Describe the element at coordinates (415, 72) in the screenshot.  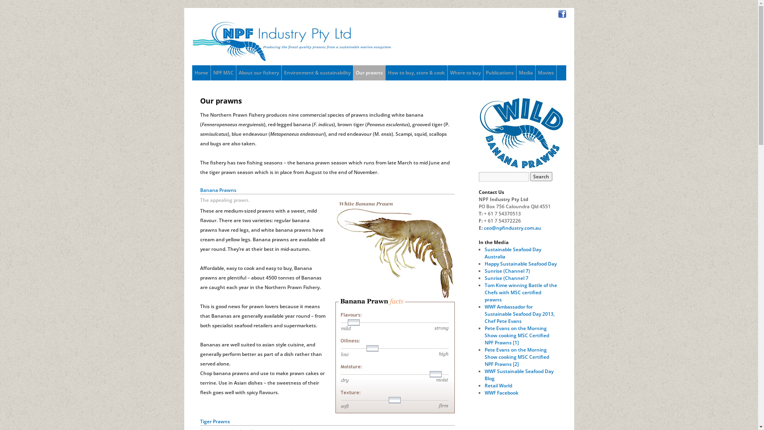
I see `'How to buy, store & cook'` at that location.